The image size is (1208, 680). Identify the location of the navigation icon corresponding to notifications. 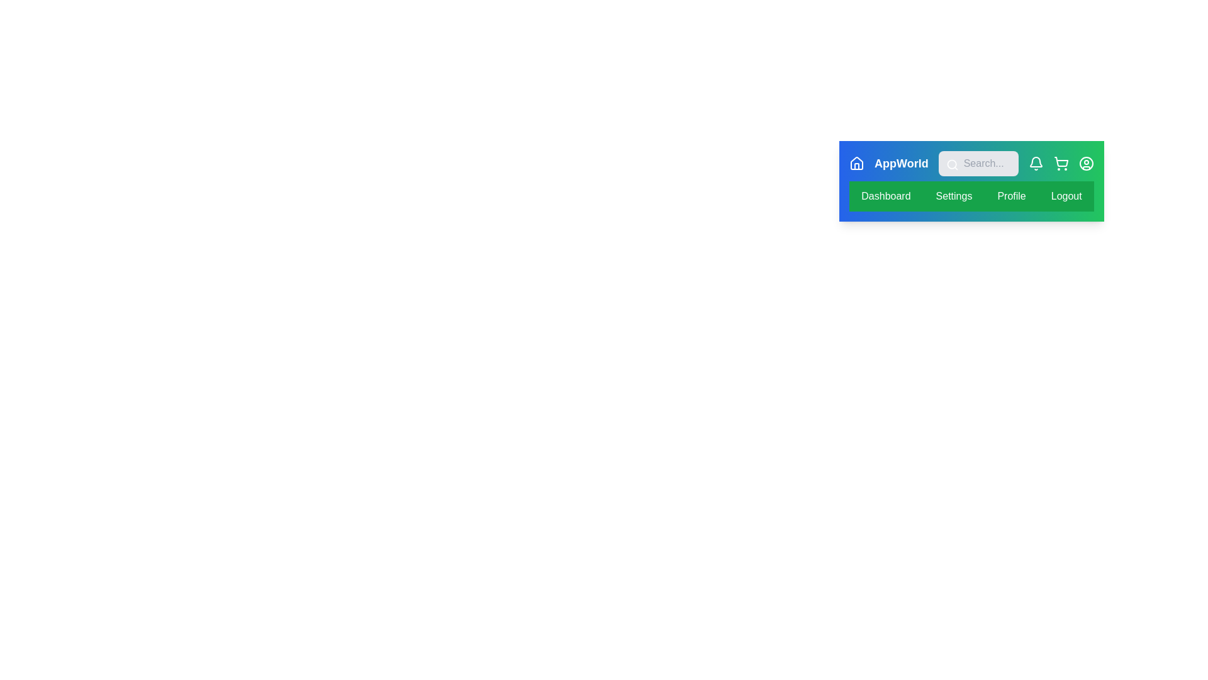
(1036, 162).